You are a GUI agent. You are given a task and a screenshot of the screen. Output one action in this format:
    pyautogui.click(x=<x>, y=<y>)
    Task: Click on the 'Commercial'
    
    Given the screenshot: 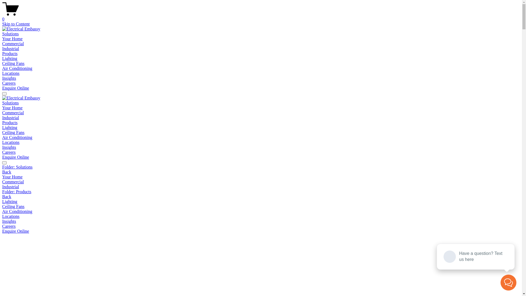 What is the action you would take?
    pyautogui.click(x=13, y=43)
    